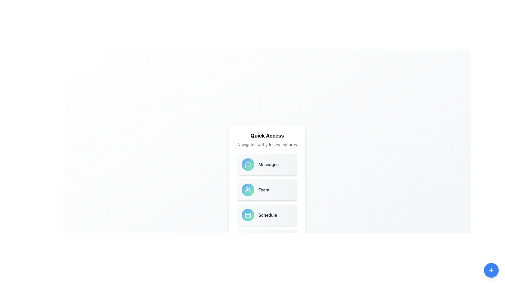  Describe the element at coordinates (248, 215) in the screenshot. I see `the calendar icon located at the bottom of the vertical list of icons in the 'Quick Access' section` at that location.